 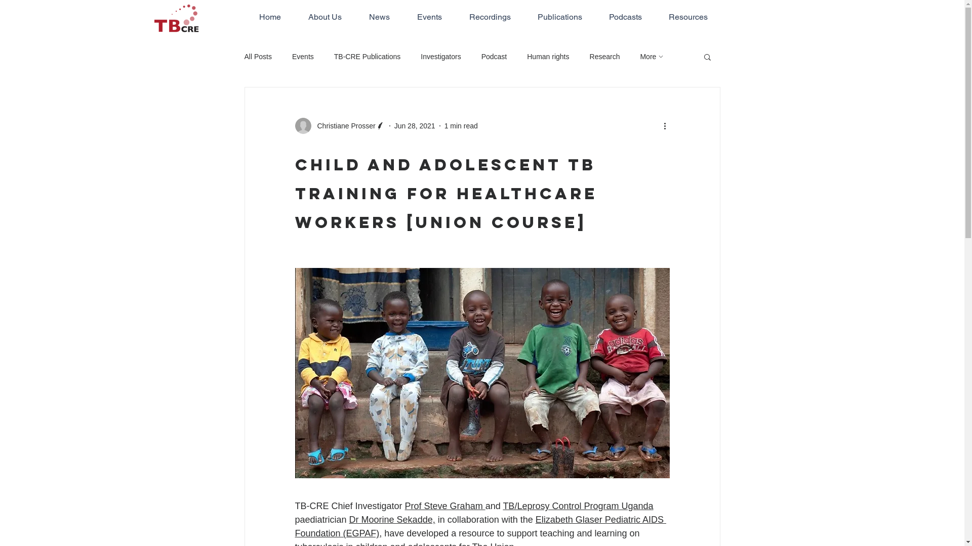 I want to click on 'TB-CRE Publications', so click(x=367, y=56).